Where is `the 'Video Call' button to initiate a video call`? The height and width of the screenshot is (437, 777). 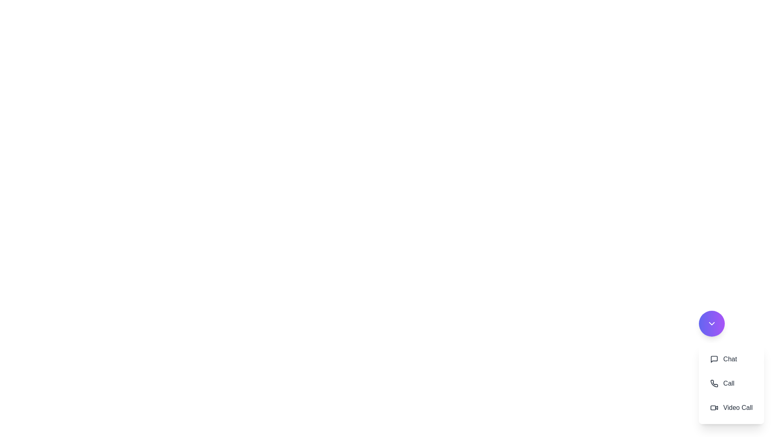 the 'Video Call' button to initiate a video call is located at coordinates (731, 407).